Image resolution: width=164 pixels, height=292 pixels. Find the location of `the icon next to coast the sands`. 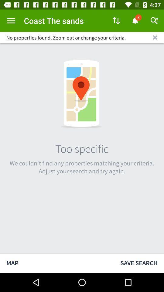

the icon next to coast the sands is located at coordinates (116, 21).